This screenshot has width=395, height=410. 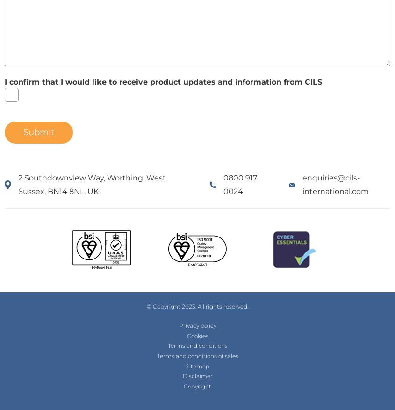 I want to click on 'Cookies', so click(x=196, y=335).